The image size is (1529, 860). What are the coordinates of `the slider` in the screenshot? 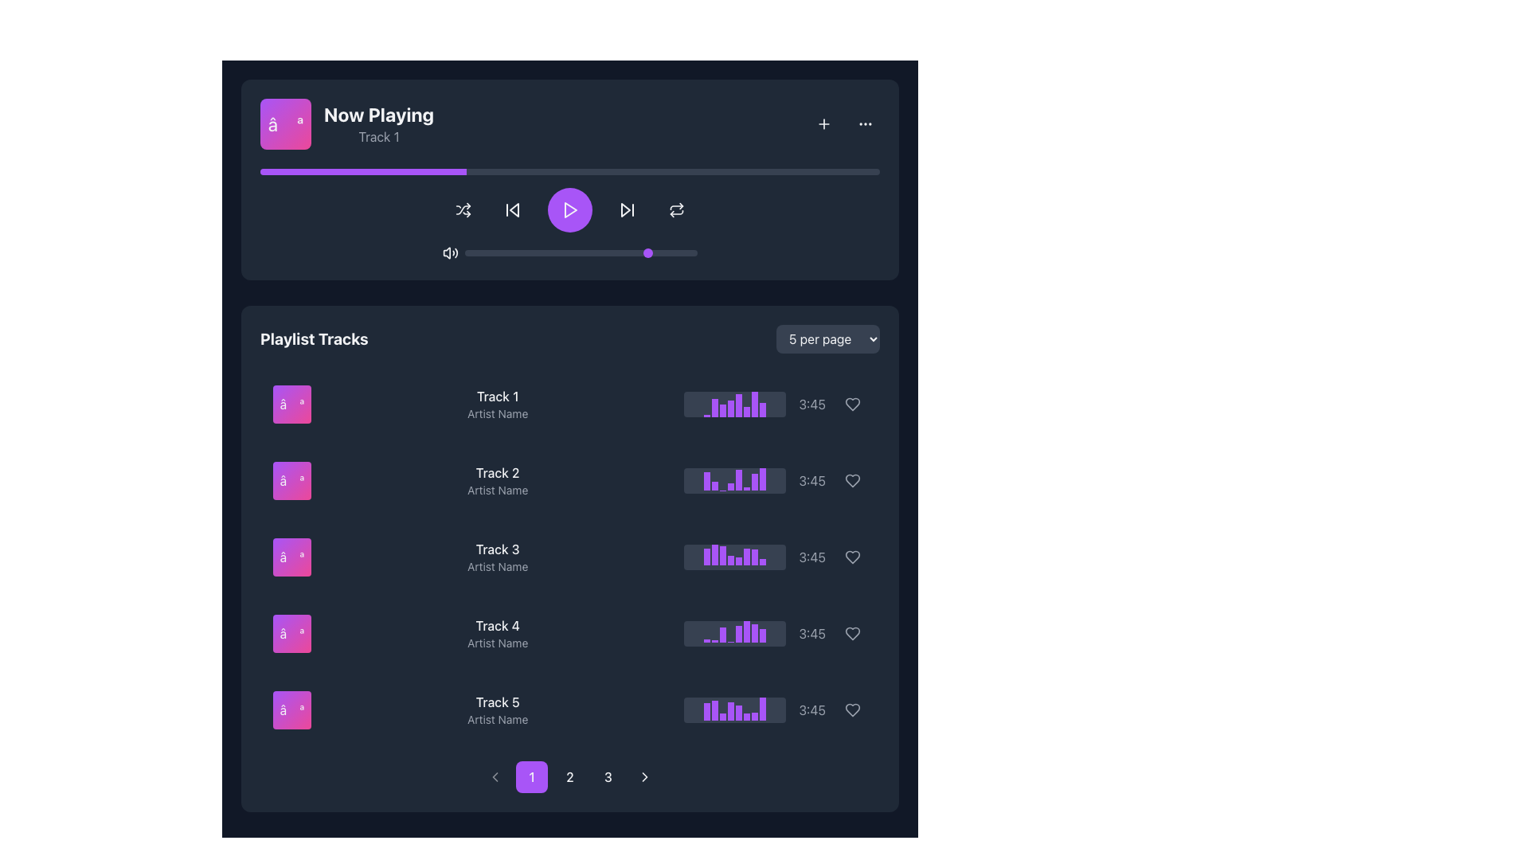 It's located at (627, 252).